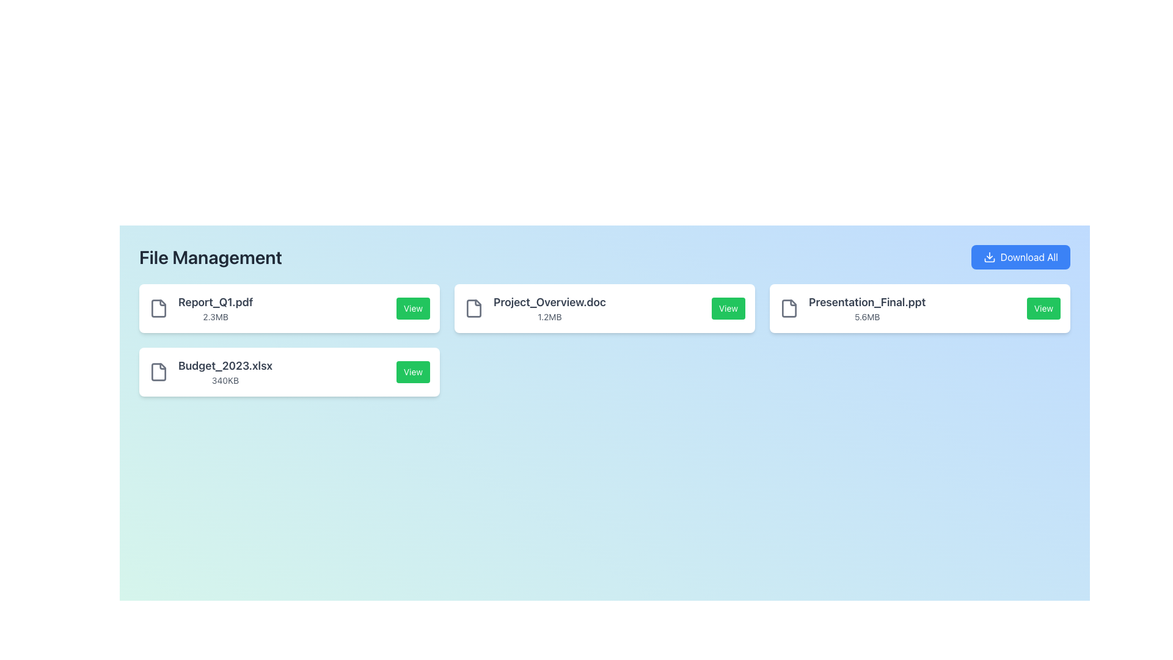 Image resolution: width=1173 pixels, height=660 pixels. What do you see at coordinates (866, 317) in the screenshot?
I see `the Text label that displays the size of the file, located beneath 'Presentation_Final.ppt' in the File Management interface` at bounding box center [866, 317].